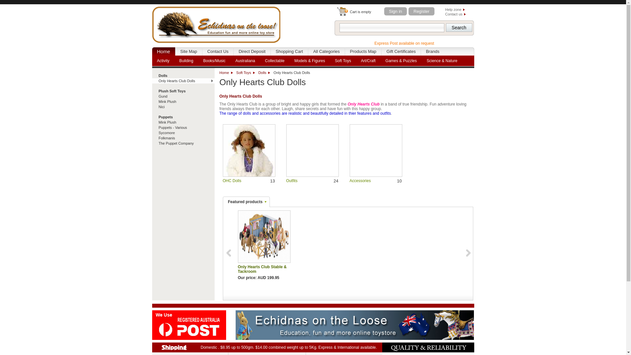 The image size is (631, 355). I want to click on 'Echidnas on the loose', so click(216, 23).